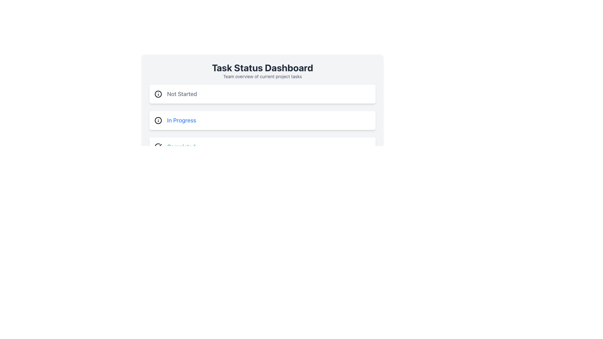 The width and height of the screenshot is (603, 339). What do you see at coordinates (158, 121) in the screenshot?
I see `the SVG circle element that is part of the information icon, located before the 'Not Started' text label` at bounding box center [158, 121].